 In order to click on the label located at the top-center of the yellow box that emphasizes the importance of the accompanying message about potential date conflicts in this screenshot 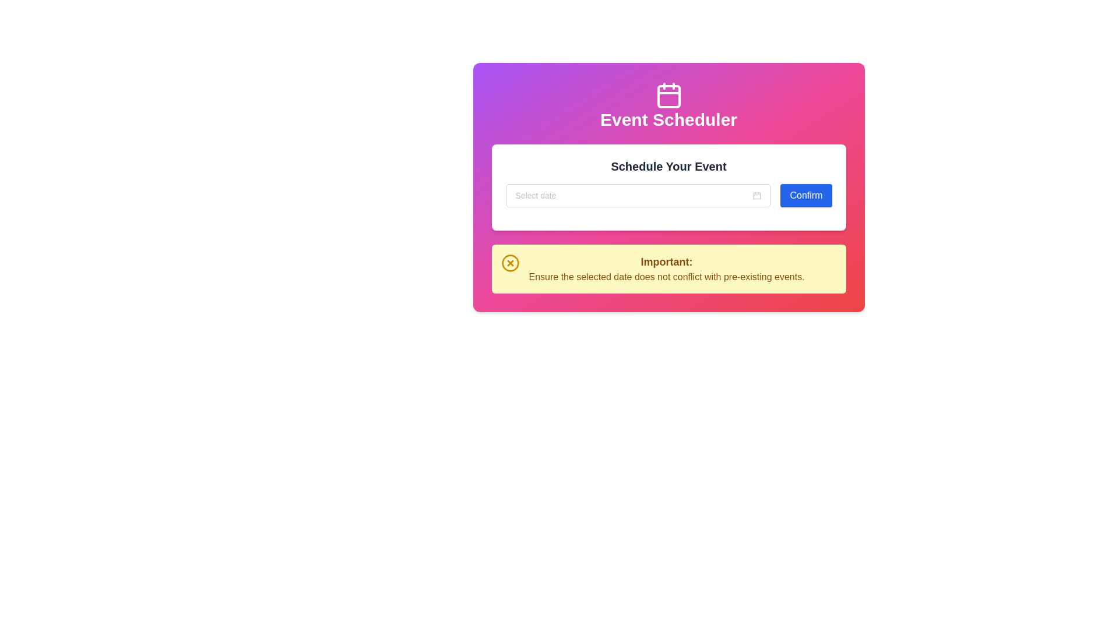, I will do `click(667, 262)`.